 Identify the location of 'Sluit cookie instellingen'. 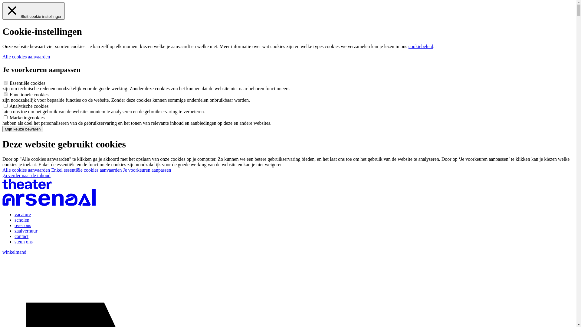
(2, 11).